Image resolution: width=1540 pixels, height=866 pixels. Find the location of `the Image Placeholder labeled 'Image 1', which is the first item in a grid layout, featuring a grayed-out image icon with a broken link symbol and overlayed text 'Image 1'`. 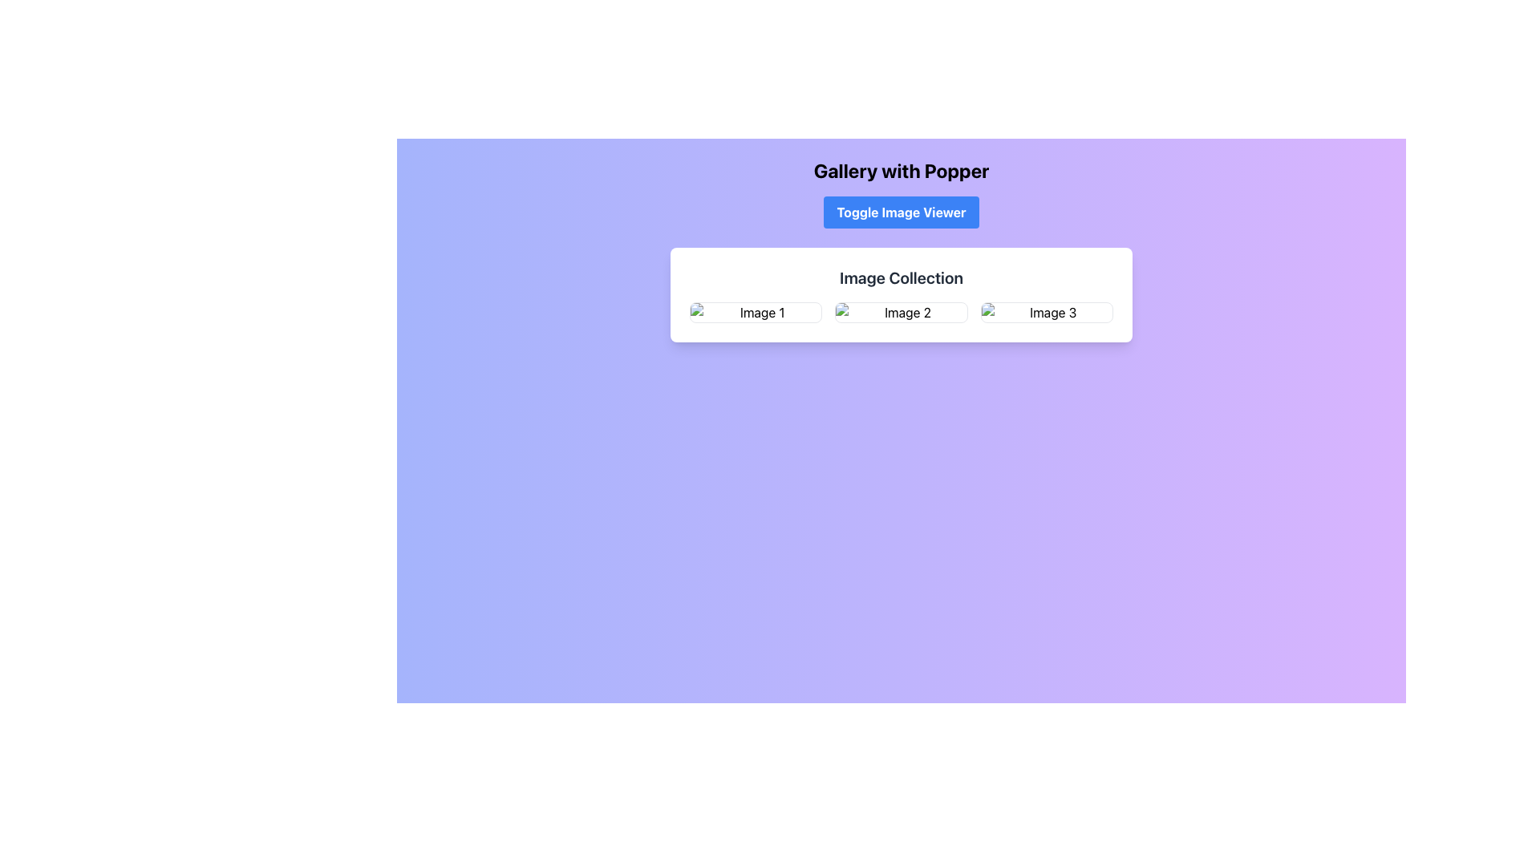

the Image Placeholder labeled 'Image 1', which is the first item in a grid layout, featuring a grayed-out image icon with a broken link symbol and overlayed text 'Image 1' is located at coordinates (755, 312).